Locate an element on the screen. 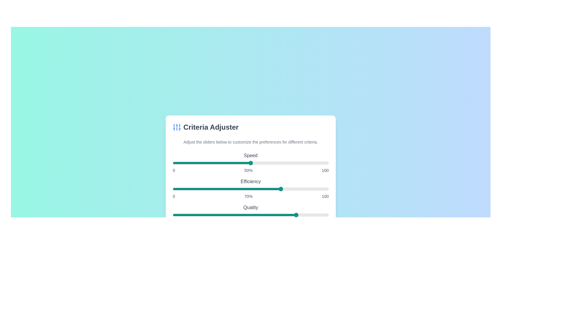 The width and height of the screenshot is (567, 319). the 'Quality' slider to set its value to 63 is located at coordinates (271, 215).